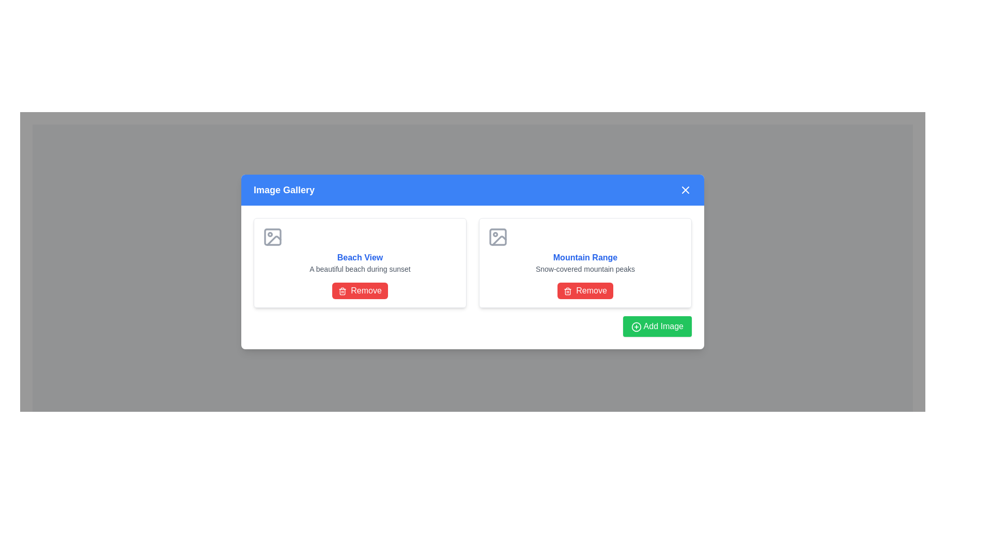 The width and height of the screenshot is (992, 558). I want to click on the bold white text label 'Image Gallery' located in the blue header bar of the modal window, so click(284, 190).